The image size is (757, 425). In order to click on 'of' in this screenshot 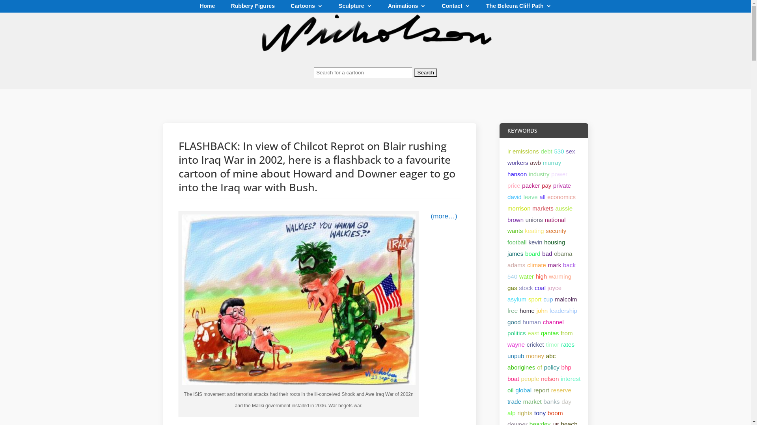, I will do `click(539, 367)`.